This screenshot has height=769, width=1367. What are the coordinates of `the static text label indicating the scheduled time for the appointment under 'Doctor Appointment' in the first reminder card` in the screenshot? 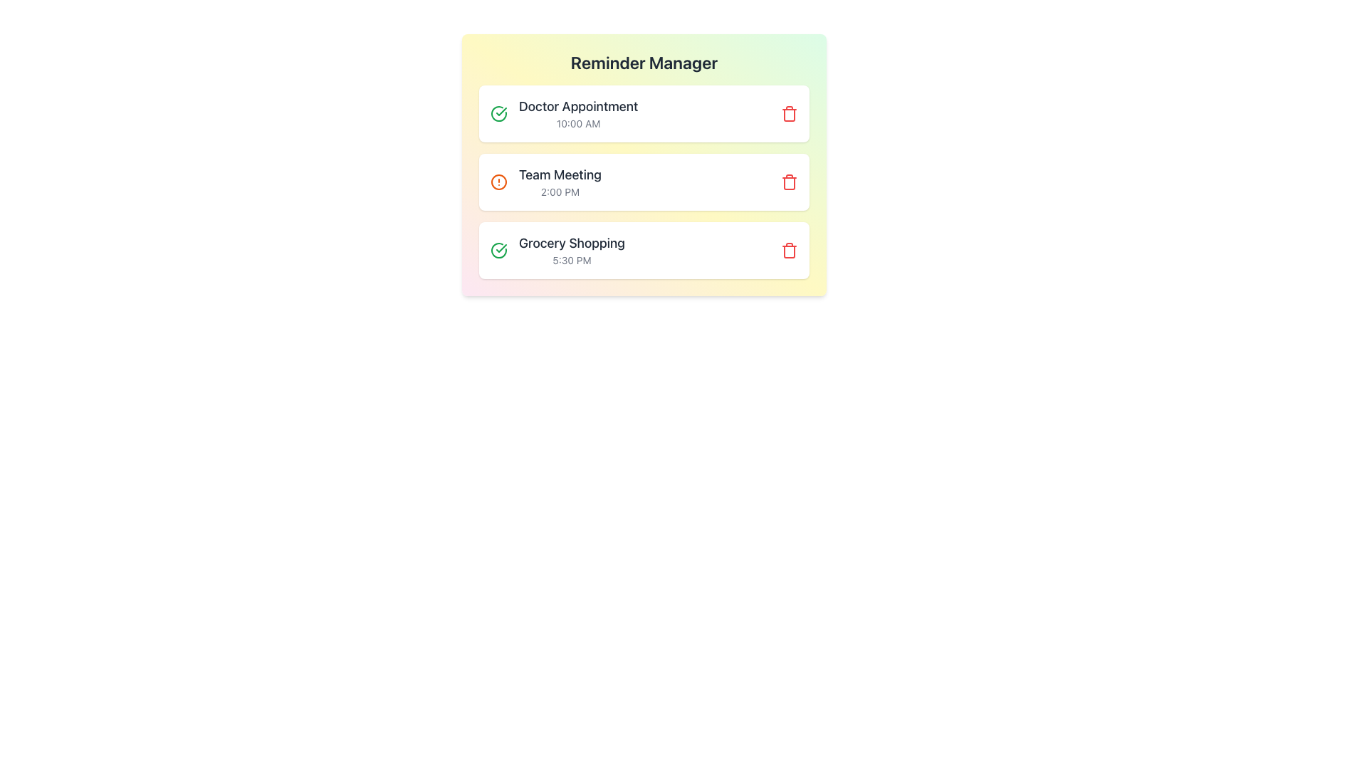 It's located at (578, 122).